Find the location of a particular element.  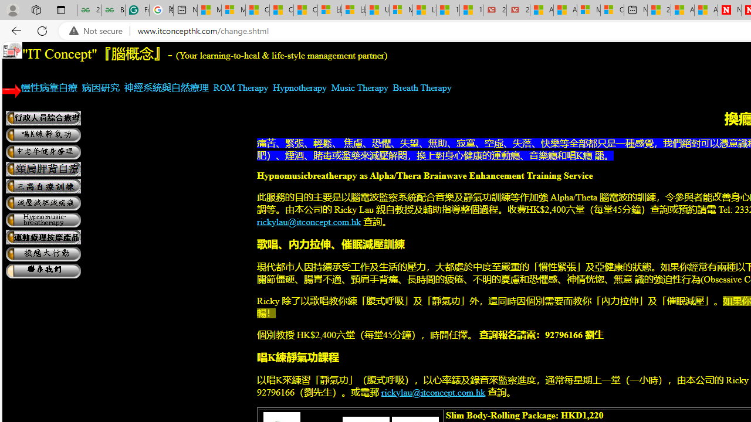

'21 Movies That Outdid the Books They Were Based On' is located at coordinates (517, 10).